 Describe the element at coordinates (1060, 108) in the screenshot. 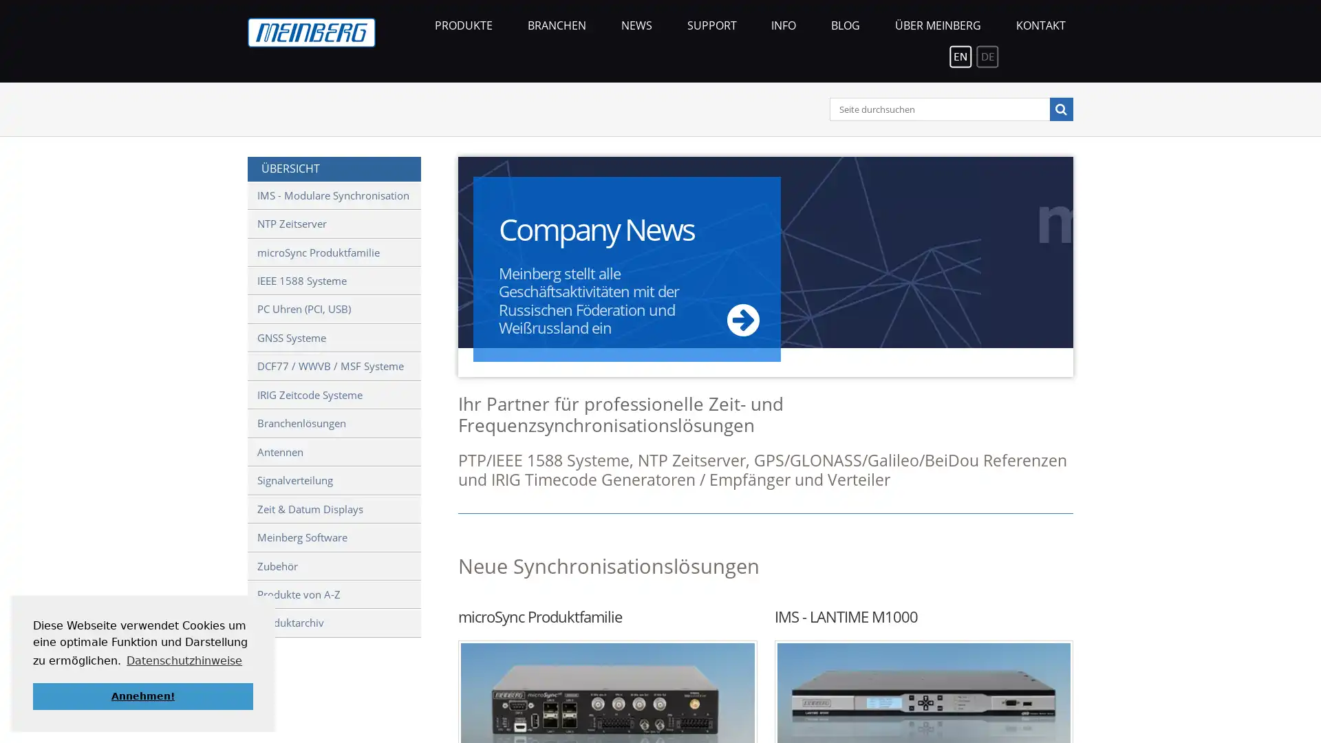

I see `Search` at that location.